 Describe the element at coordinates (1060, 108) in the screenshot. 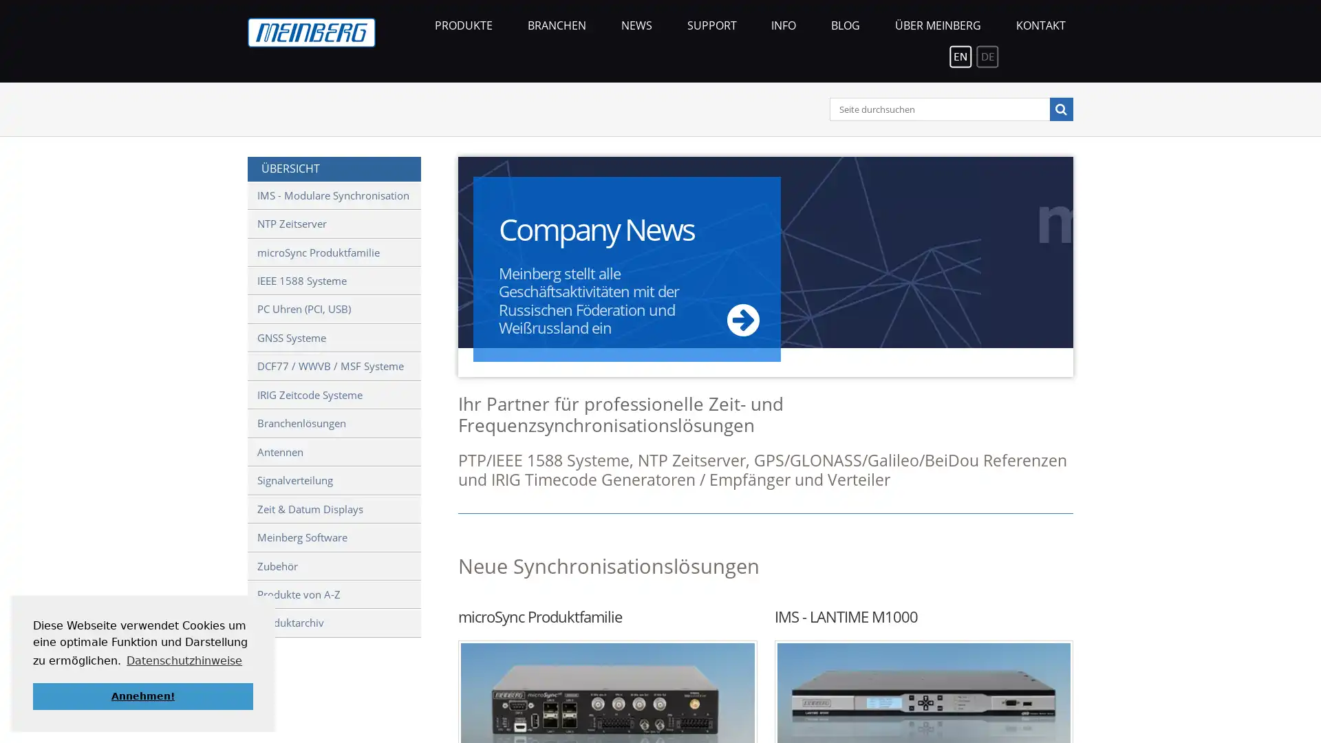

I see `Search` at that location.